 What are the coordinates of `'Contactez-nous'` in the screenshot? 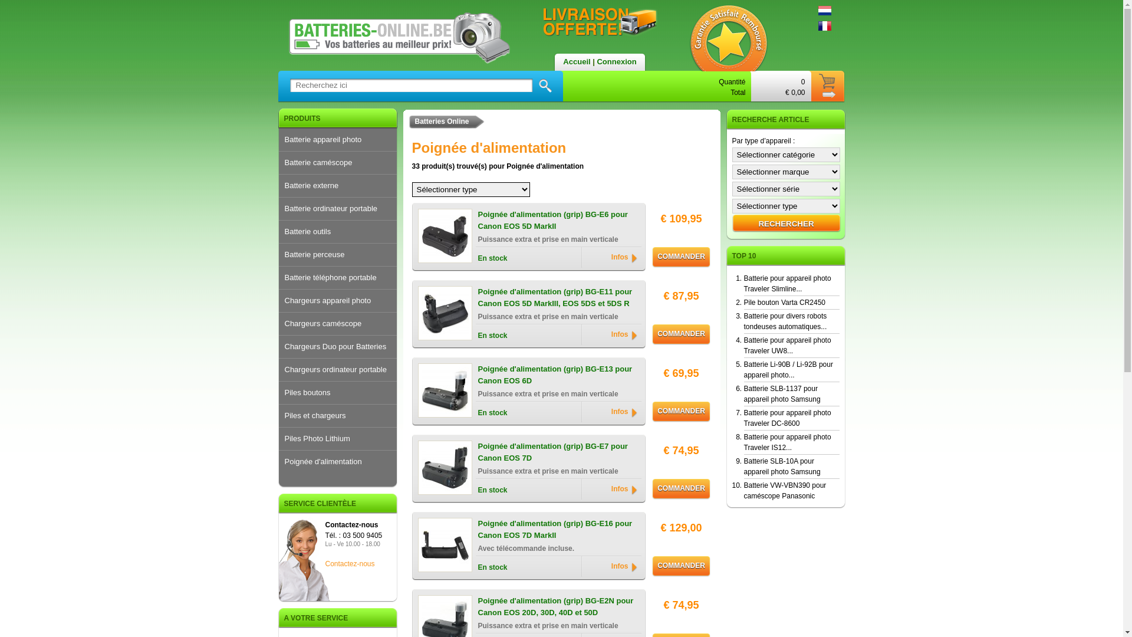 It's located at (350, 563).